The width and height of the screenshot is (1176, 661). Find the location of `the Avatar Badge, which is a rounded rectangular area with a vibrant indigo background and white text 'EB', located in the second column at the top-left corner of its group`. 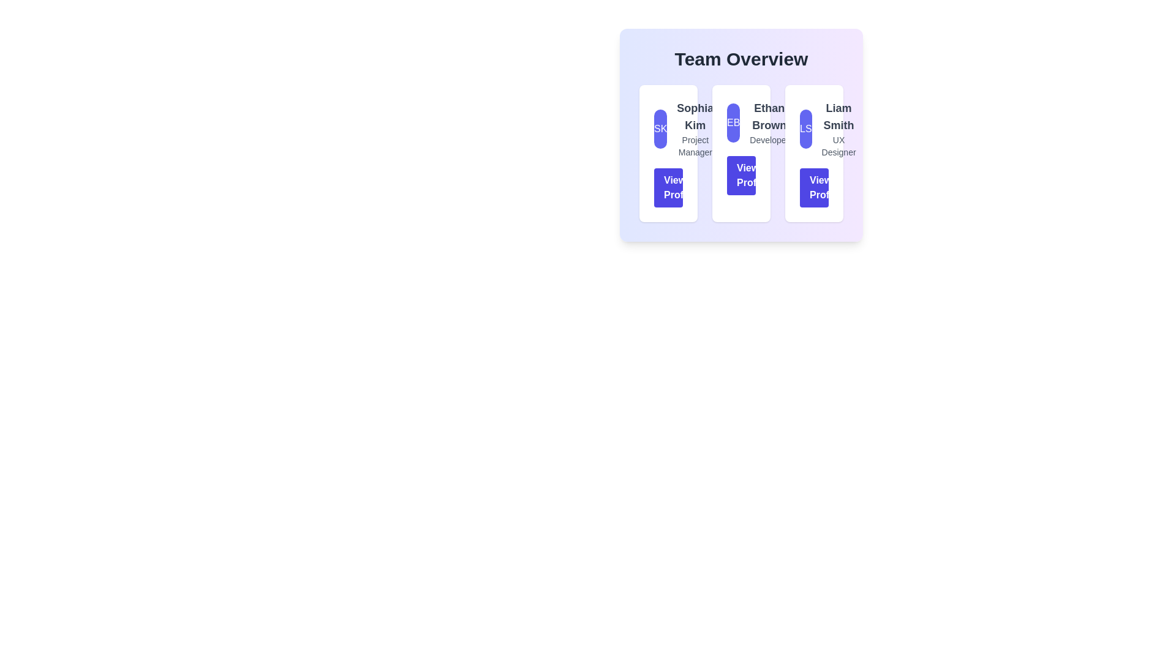

the Avatar Badge, which is a rounded rectangular area with a vibrant indigo background and white text 'EB', located in the second column at the top-left corner of its group is located at coordinates (741, 122).